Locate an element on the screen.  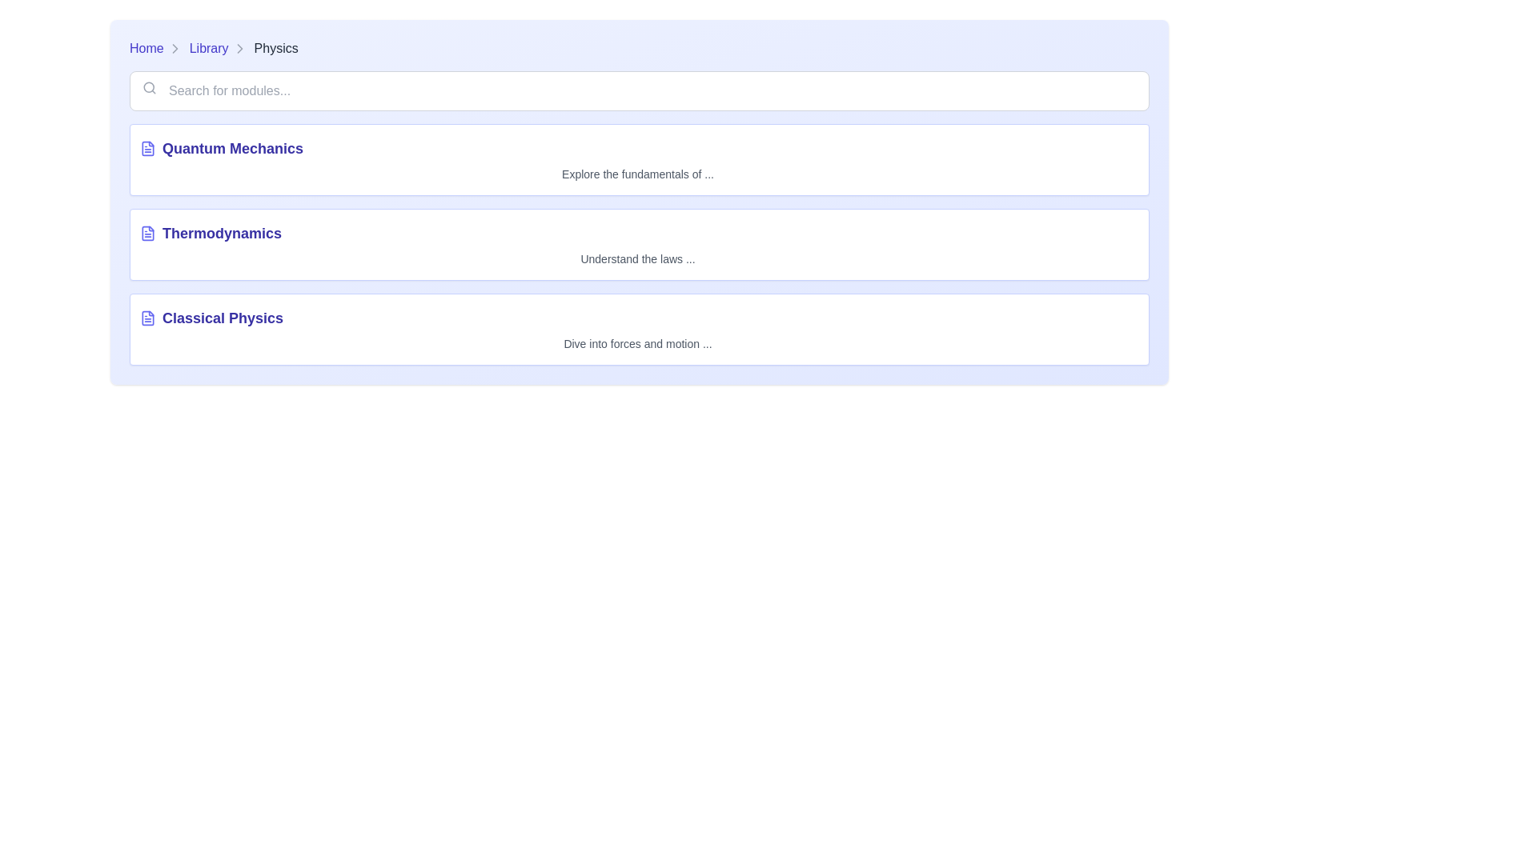
the indigo rectangular file icon with a folded corner located to the left of the 'Quantum Mechanics' title text is located at coordinates (148, 148).